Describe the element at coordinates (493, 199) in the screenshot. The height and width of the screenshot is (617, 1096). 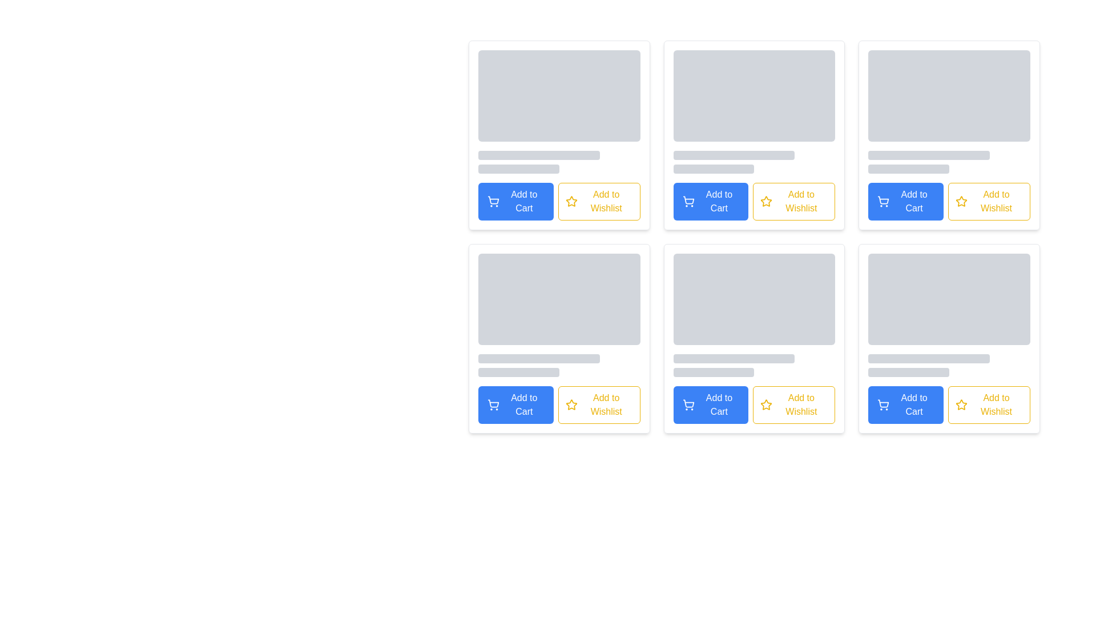
I see `the shopping cart icon (SVG graphic) located to the left of the 'Add to Cart' button` at that location.